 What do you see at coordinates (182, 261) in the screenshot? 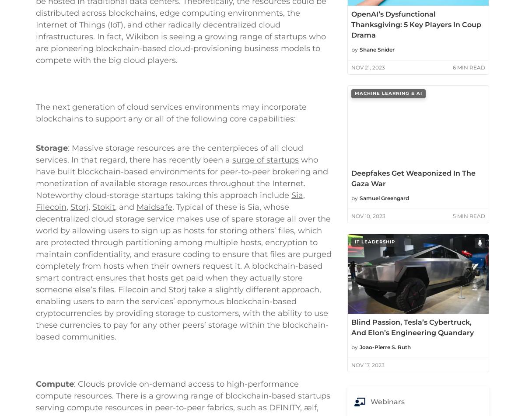
I see `'who have built blockchain-based environments for peer-to-peer brokering and monetization of available storage resources throughout the Internet. Noteworthy cloud-storage startups taking this approach include'` at bounding box center [182, 261].